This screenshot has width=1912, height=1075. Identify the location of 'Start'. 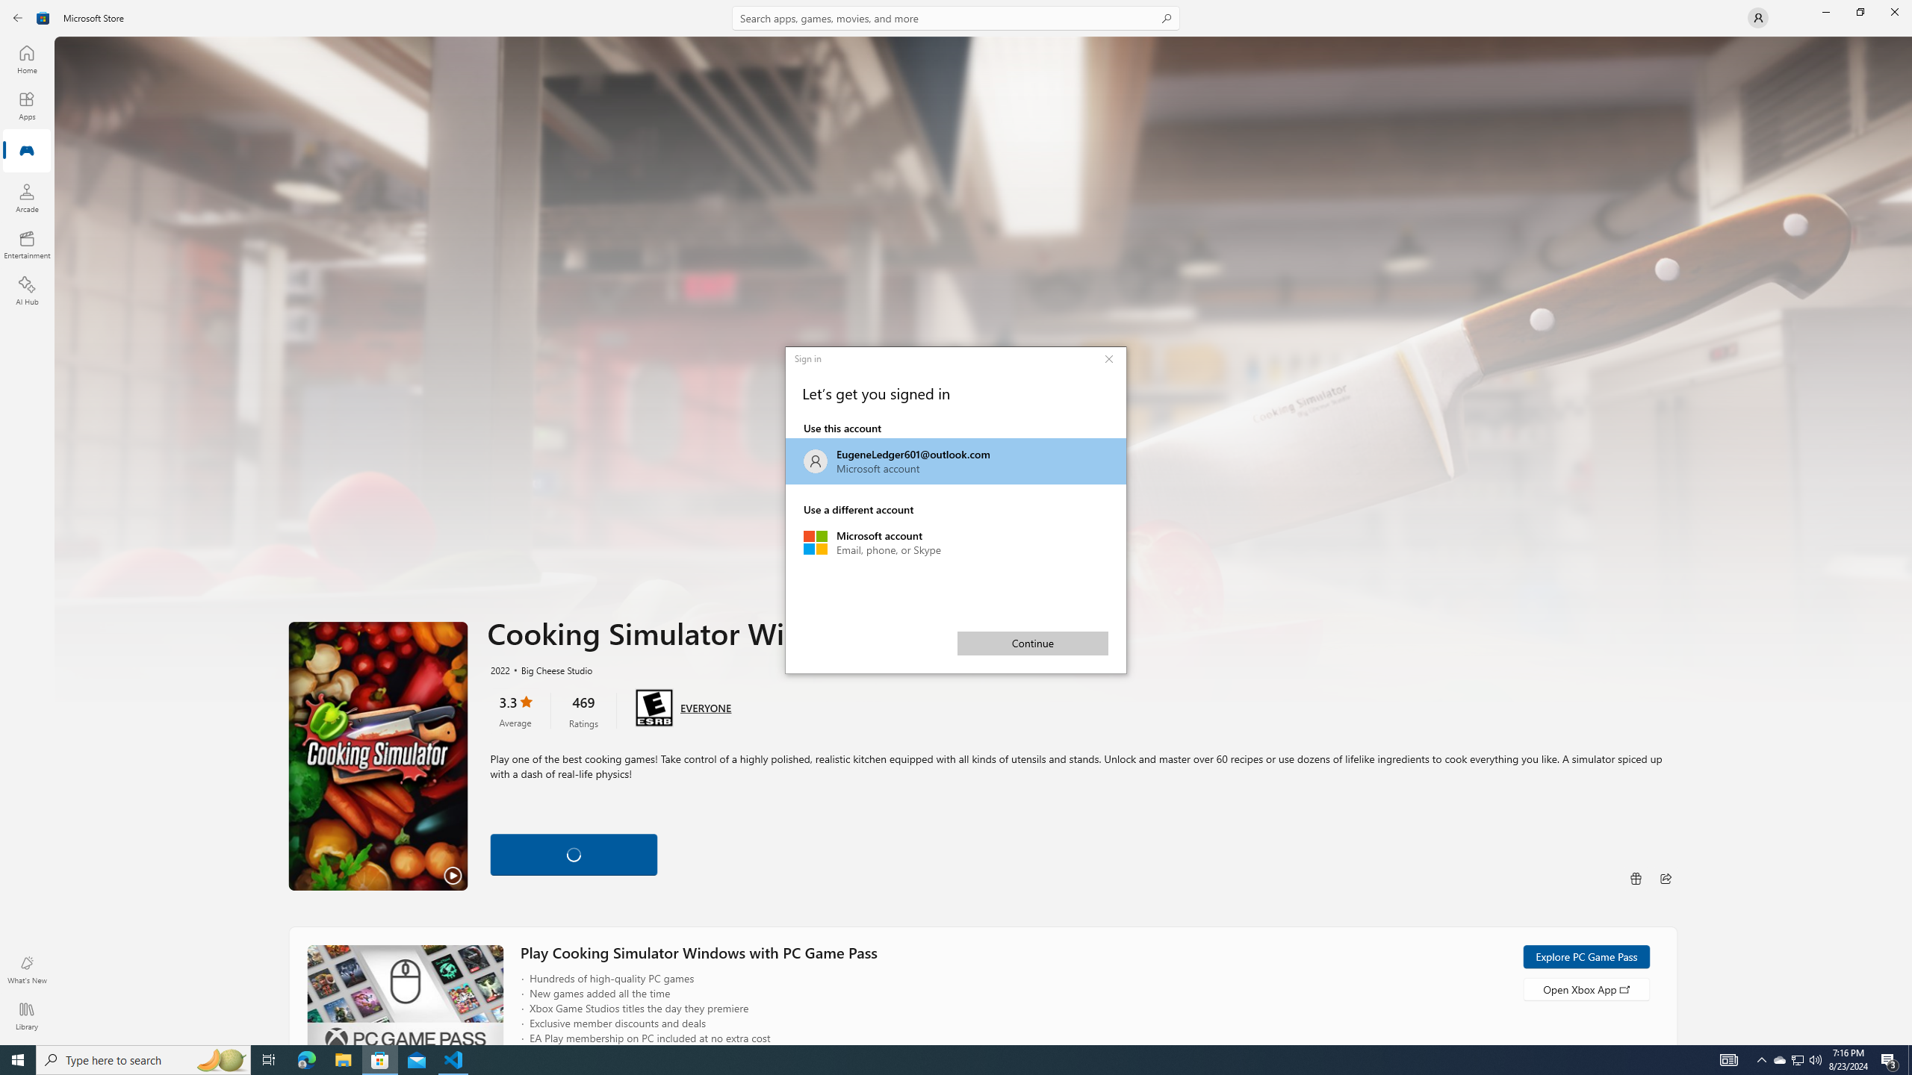
(18, 1059).